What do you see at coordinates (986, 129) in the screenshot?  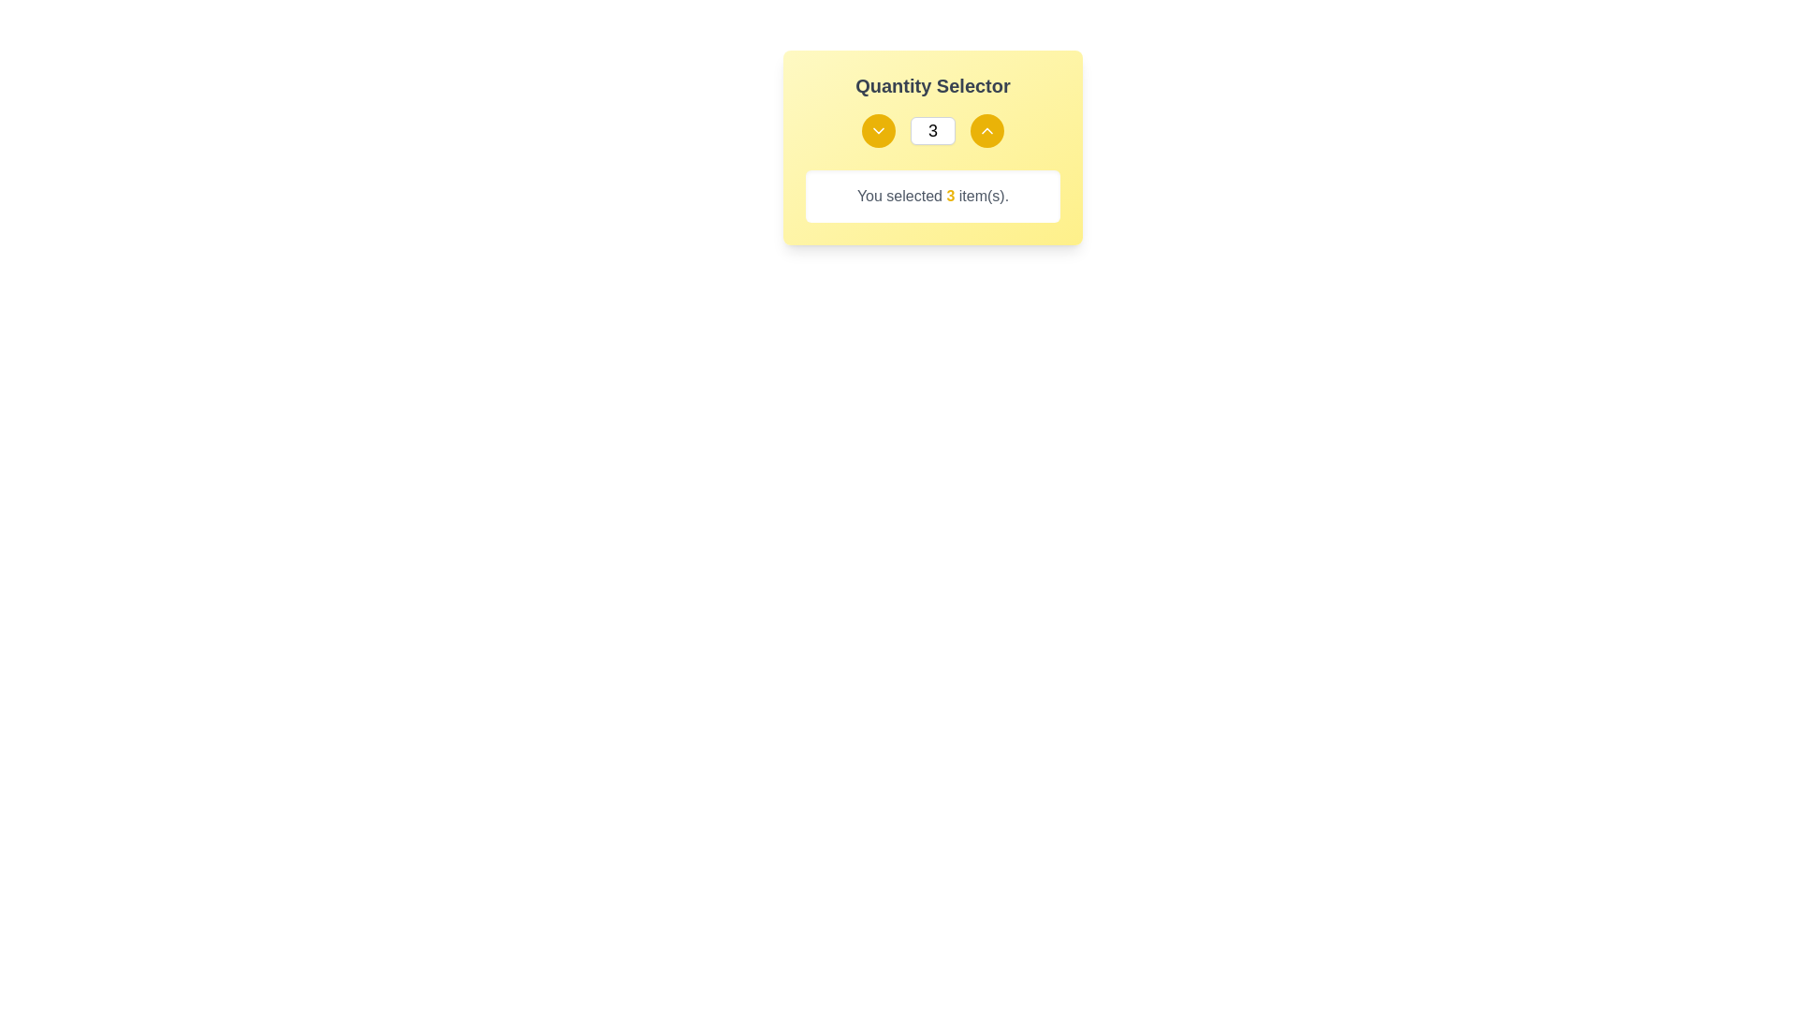 I see `the small triangular chevron icon pointing upwards, which is located inside the circular button at the top-right corner of the 'Quantity Selector' section` at bounding box center [986, 129].